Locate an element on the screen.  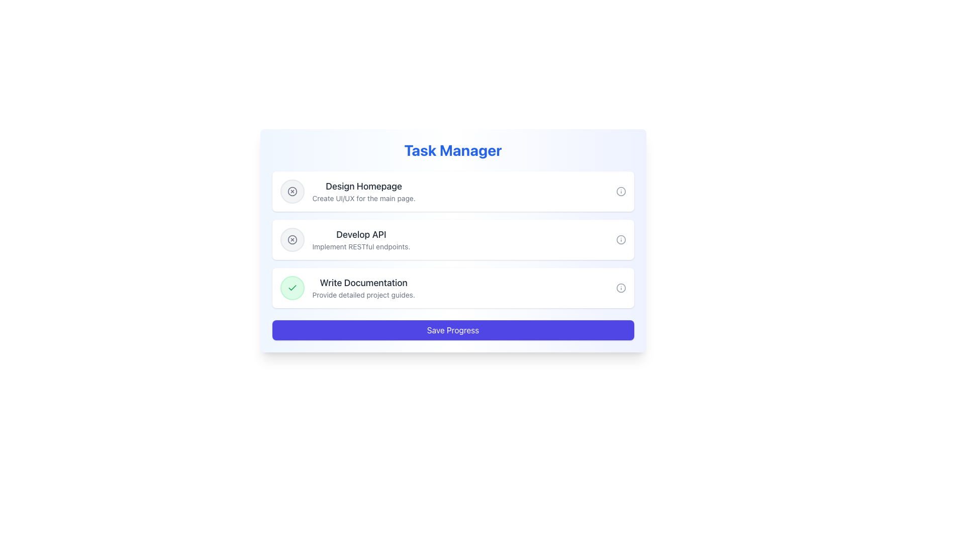
text displayed in the Text Display element titled 'Design Homepage' which contains the subtitle 'Create UI/UX for the main page.' is located at coordinates (363, 192).